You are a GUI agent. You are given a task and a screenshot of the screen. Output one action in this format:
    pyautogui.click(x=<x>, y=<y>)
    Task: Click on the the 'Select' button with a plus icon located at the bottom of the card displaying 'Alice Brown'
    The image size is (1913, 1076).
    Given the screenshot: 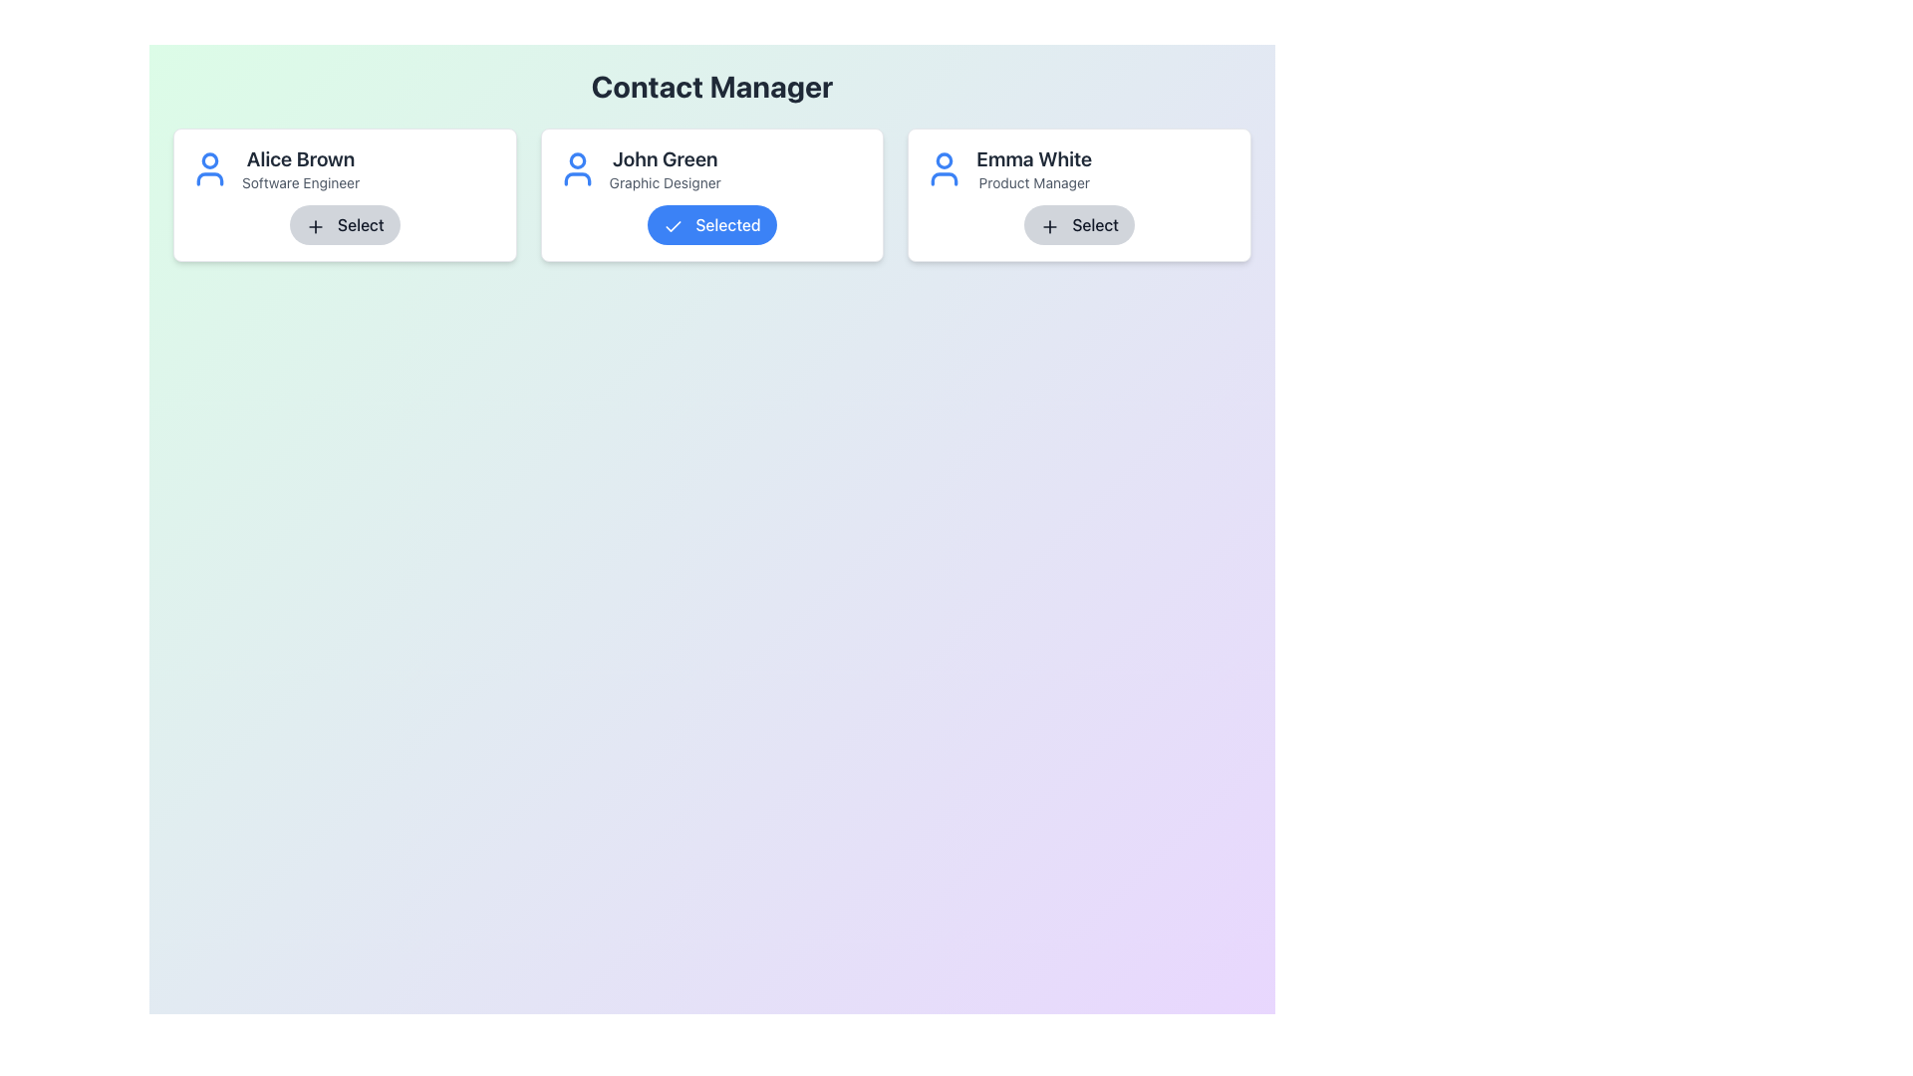 What is the action you would take?
    pyautogui.click(x=345, y=224)
    